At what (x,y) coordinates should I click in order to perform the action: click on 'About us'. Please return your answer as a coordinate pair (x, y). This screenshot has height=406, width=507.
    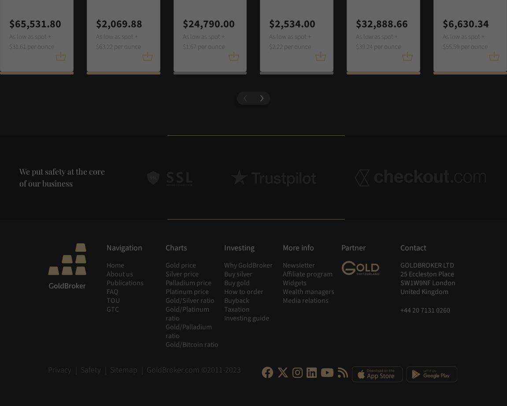
    Looking at the image, I should click on (119, 274).